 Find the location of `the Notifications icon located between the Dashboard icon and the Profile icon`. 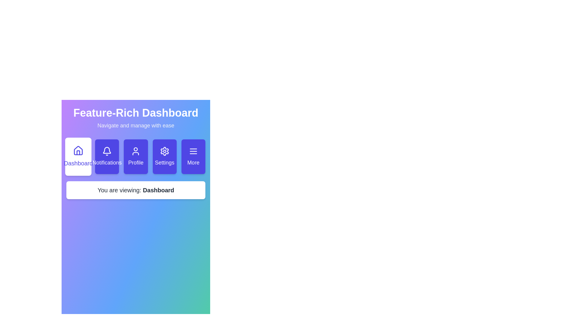

the Notifications icon located between the Dashboard icon and the Profile icon is located at coordinates (107, 150).